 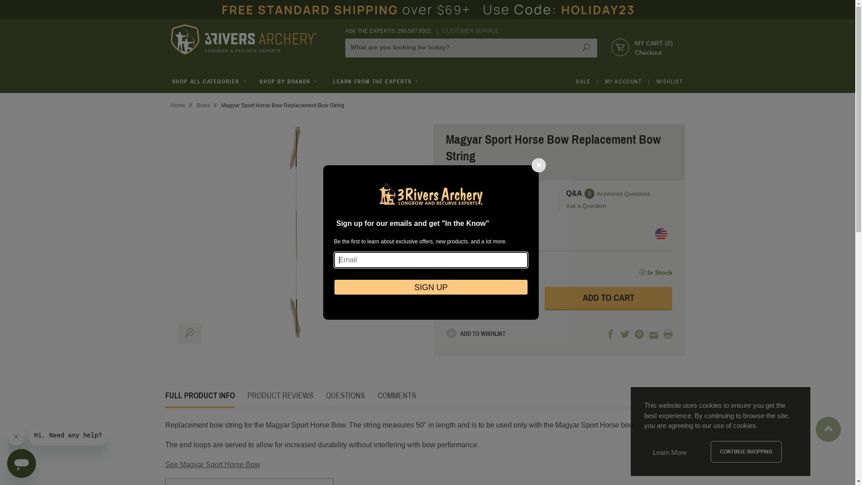 I want to click on '3Rivers Archery Supply', so click(x=243, y=39).